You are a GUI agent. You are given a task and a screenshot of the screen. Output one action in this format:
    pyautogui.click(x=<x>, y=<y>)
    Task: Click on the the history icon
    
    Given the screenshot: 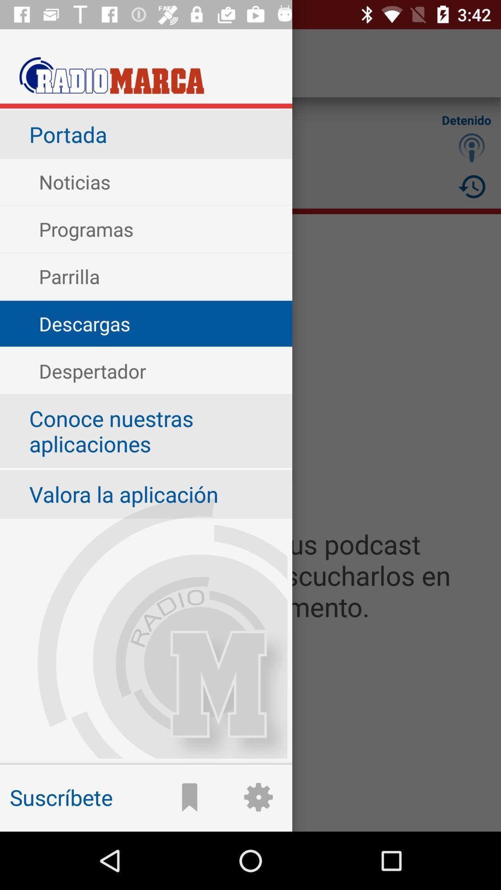 What is the action you would take?
    pyautogui.click(x=472, y=186)
    